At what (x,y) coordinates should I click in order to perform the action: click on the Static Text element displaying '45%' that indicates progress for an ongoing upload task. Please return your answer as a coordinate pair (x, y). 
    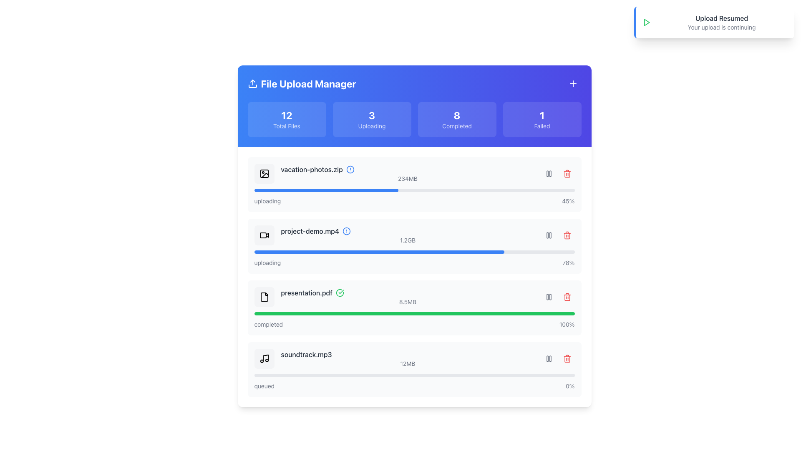
    Looking at the image, I should click on (568, 201).